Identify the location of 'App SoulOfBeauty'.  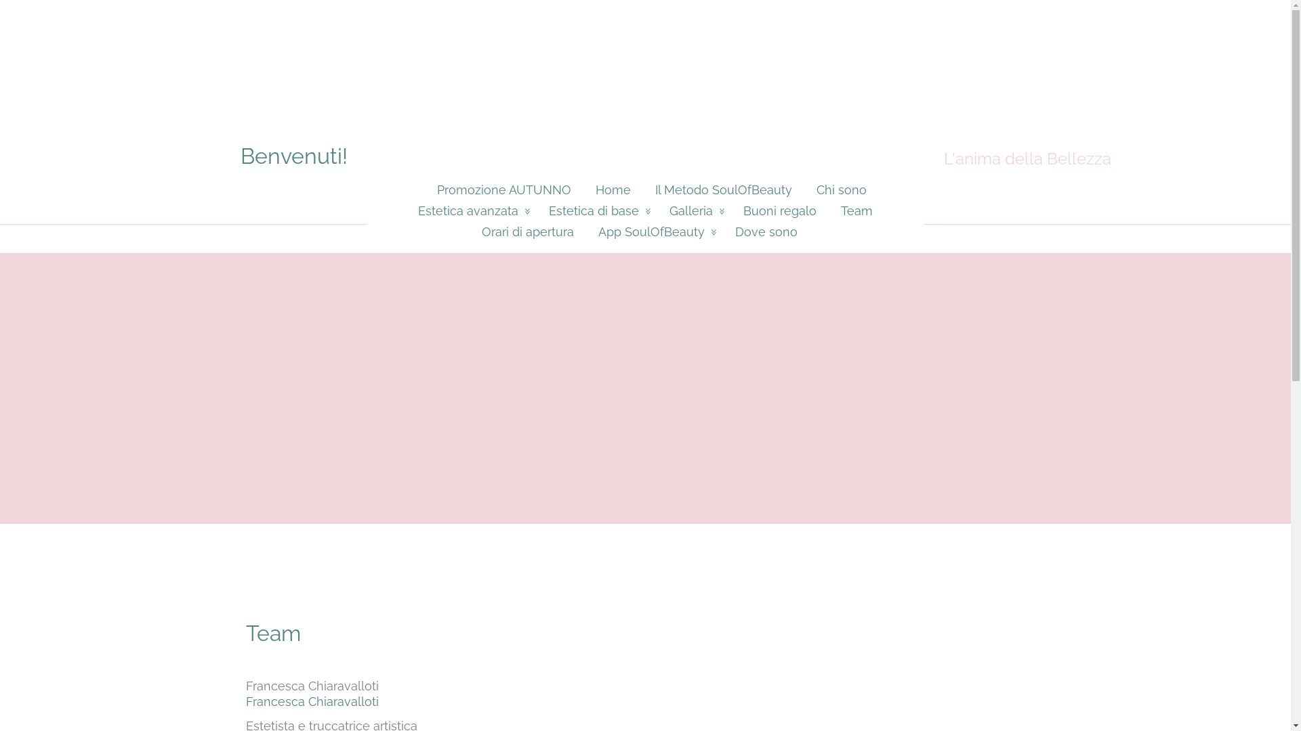
(653, 231).